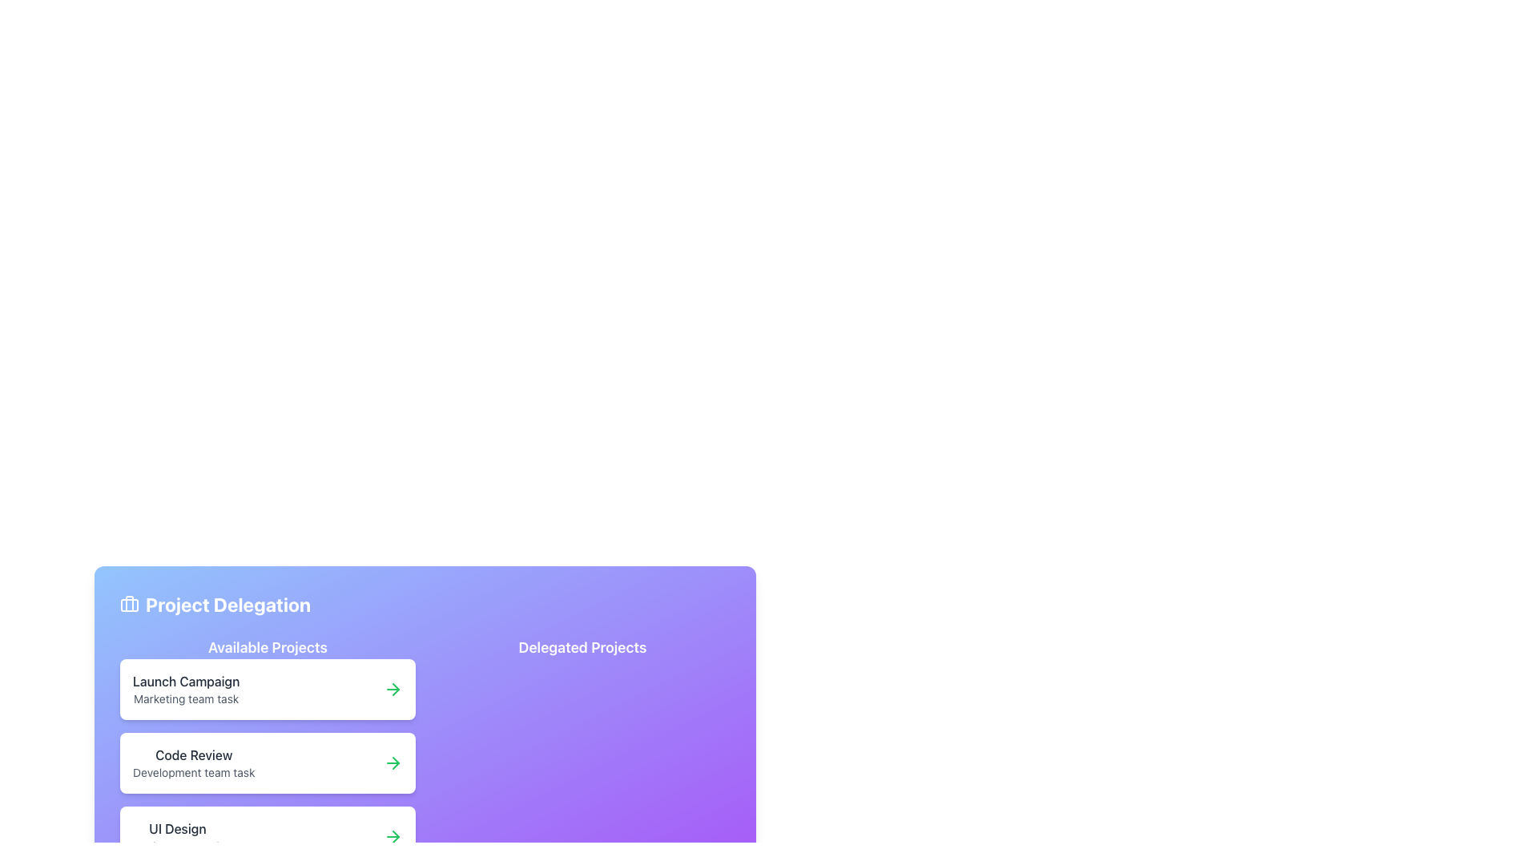 Image resolution: width=1538 pixels, height=865 pixels. I want to click on the text label displaying 'Code Review', which is styled in bold, dark-gray font and positioned above another text in the 'Available Projects' section, so click(193, 754).